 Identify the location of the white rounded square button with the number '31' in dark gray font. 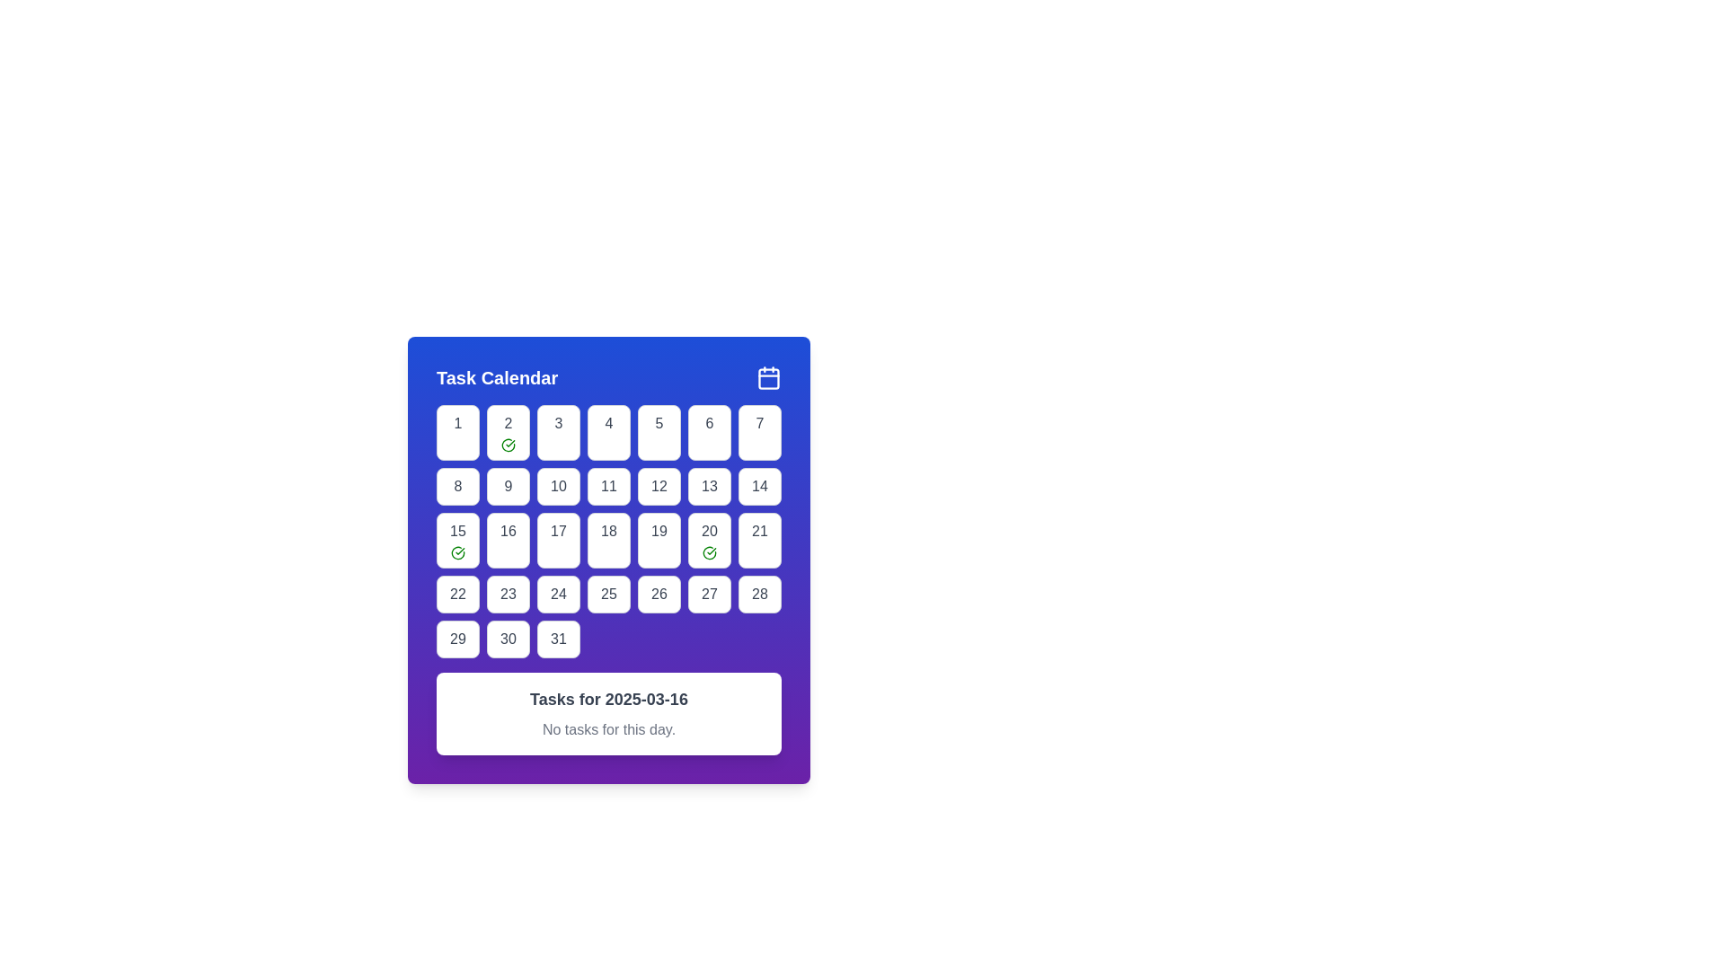
(558, 639).